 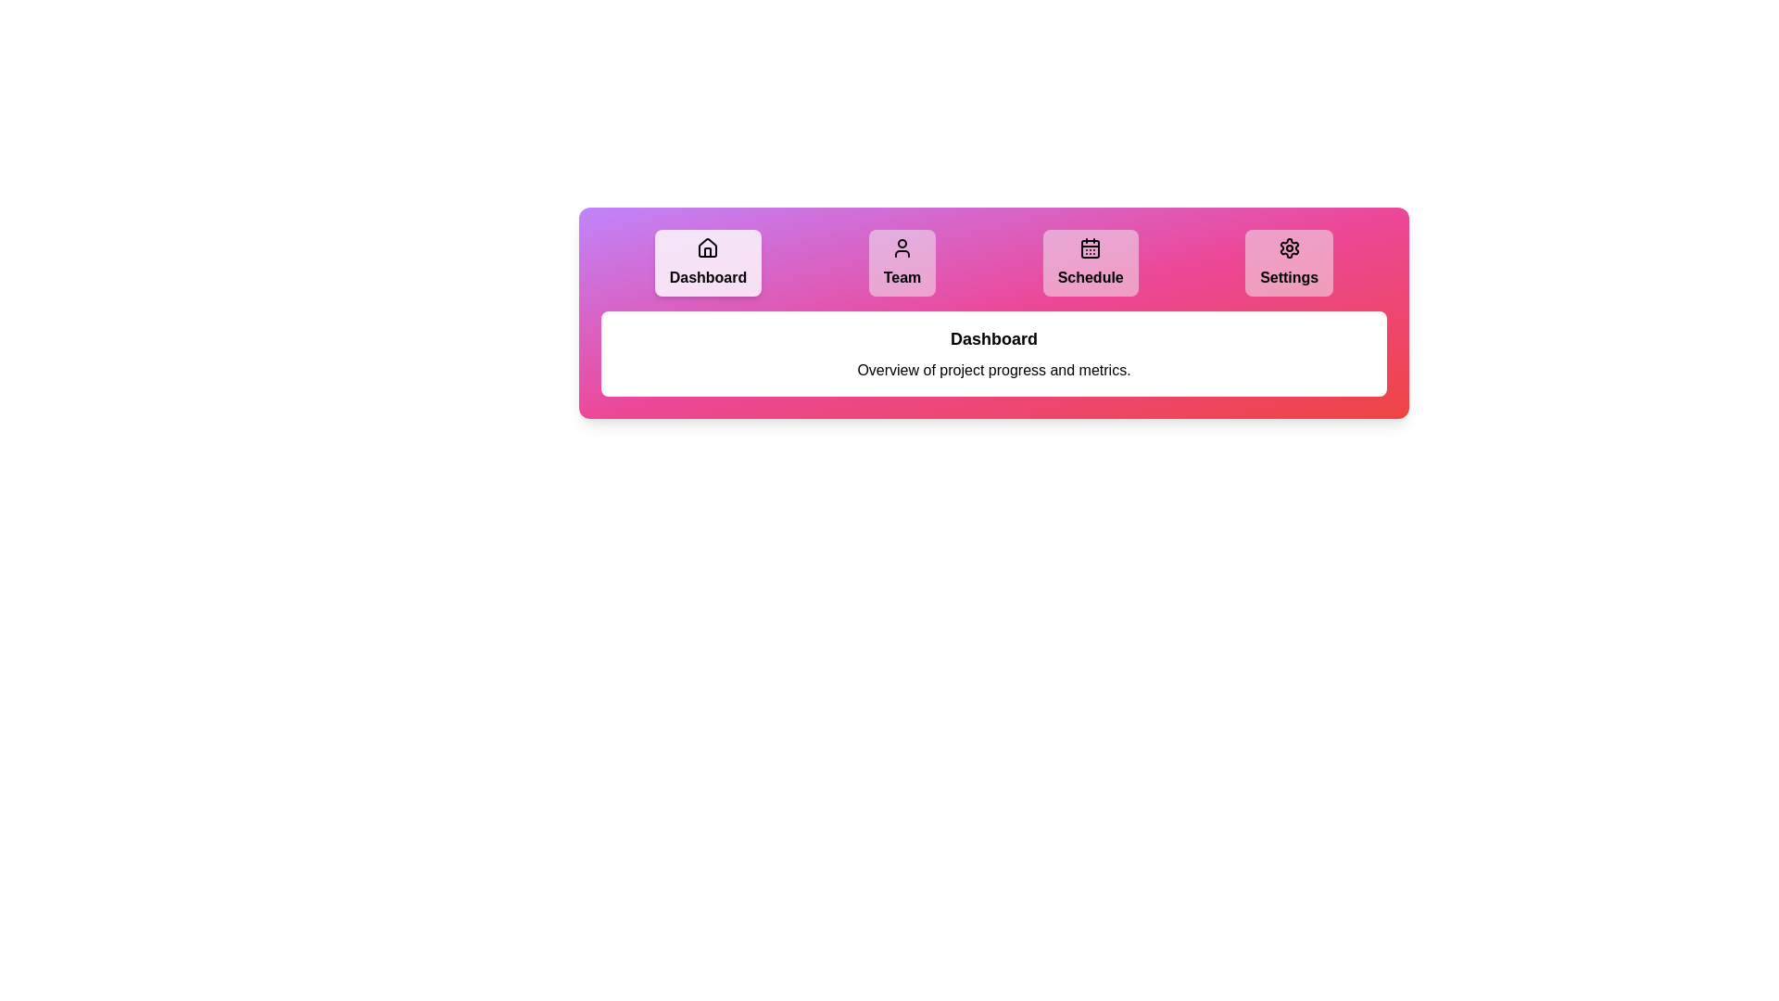 I want to click on the tab labeled Team by clicking on it, so click(x=902, y=263).